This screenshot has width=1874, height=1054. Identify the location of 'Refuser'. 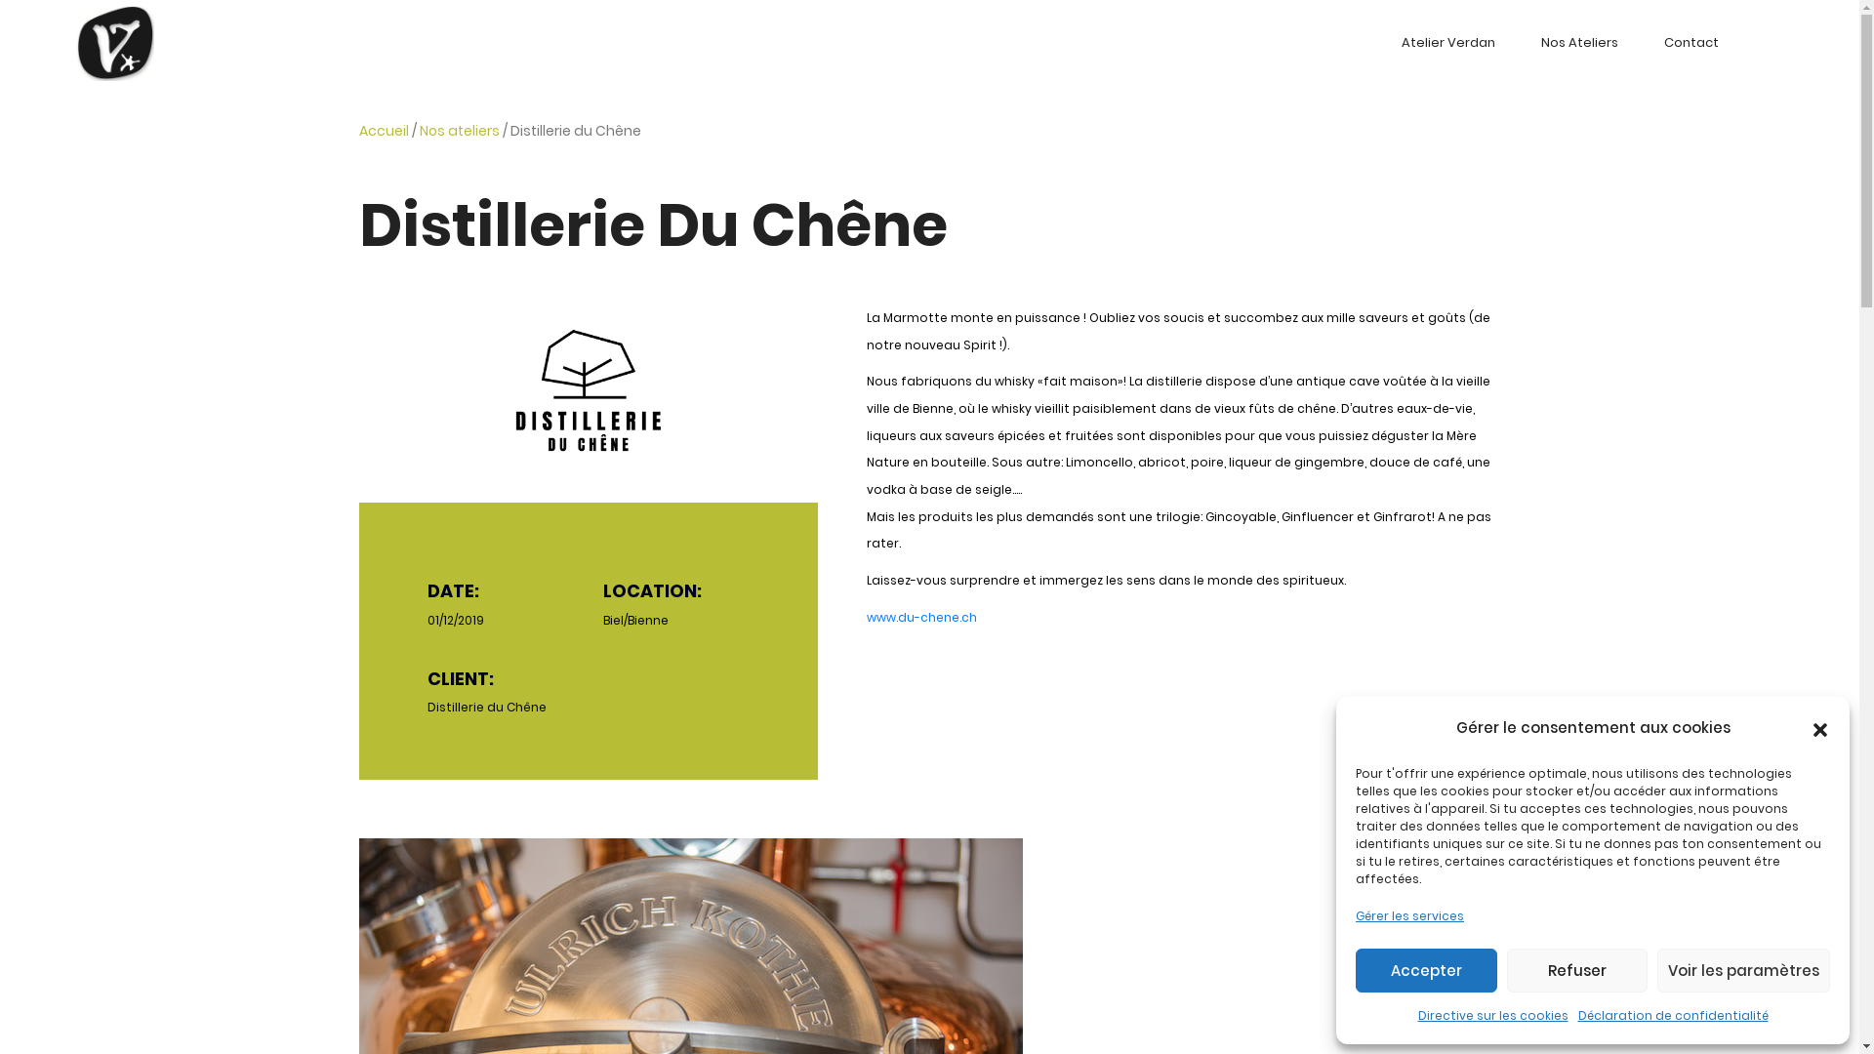
(1506, 970).